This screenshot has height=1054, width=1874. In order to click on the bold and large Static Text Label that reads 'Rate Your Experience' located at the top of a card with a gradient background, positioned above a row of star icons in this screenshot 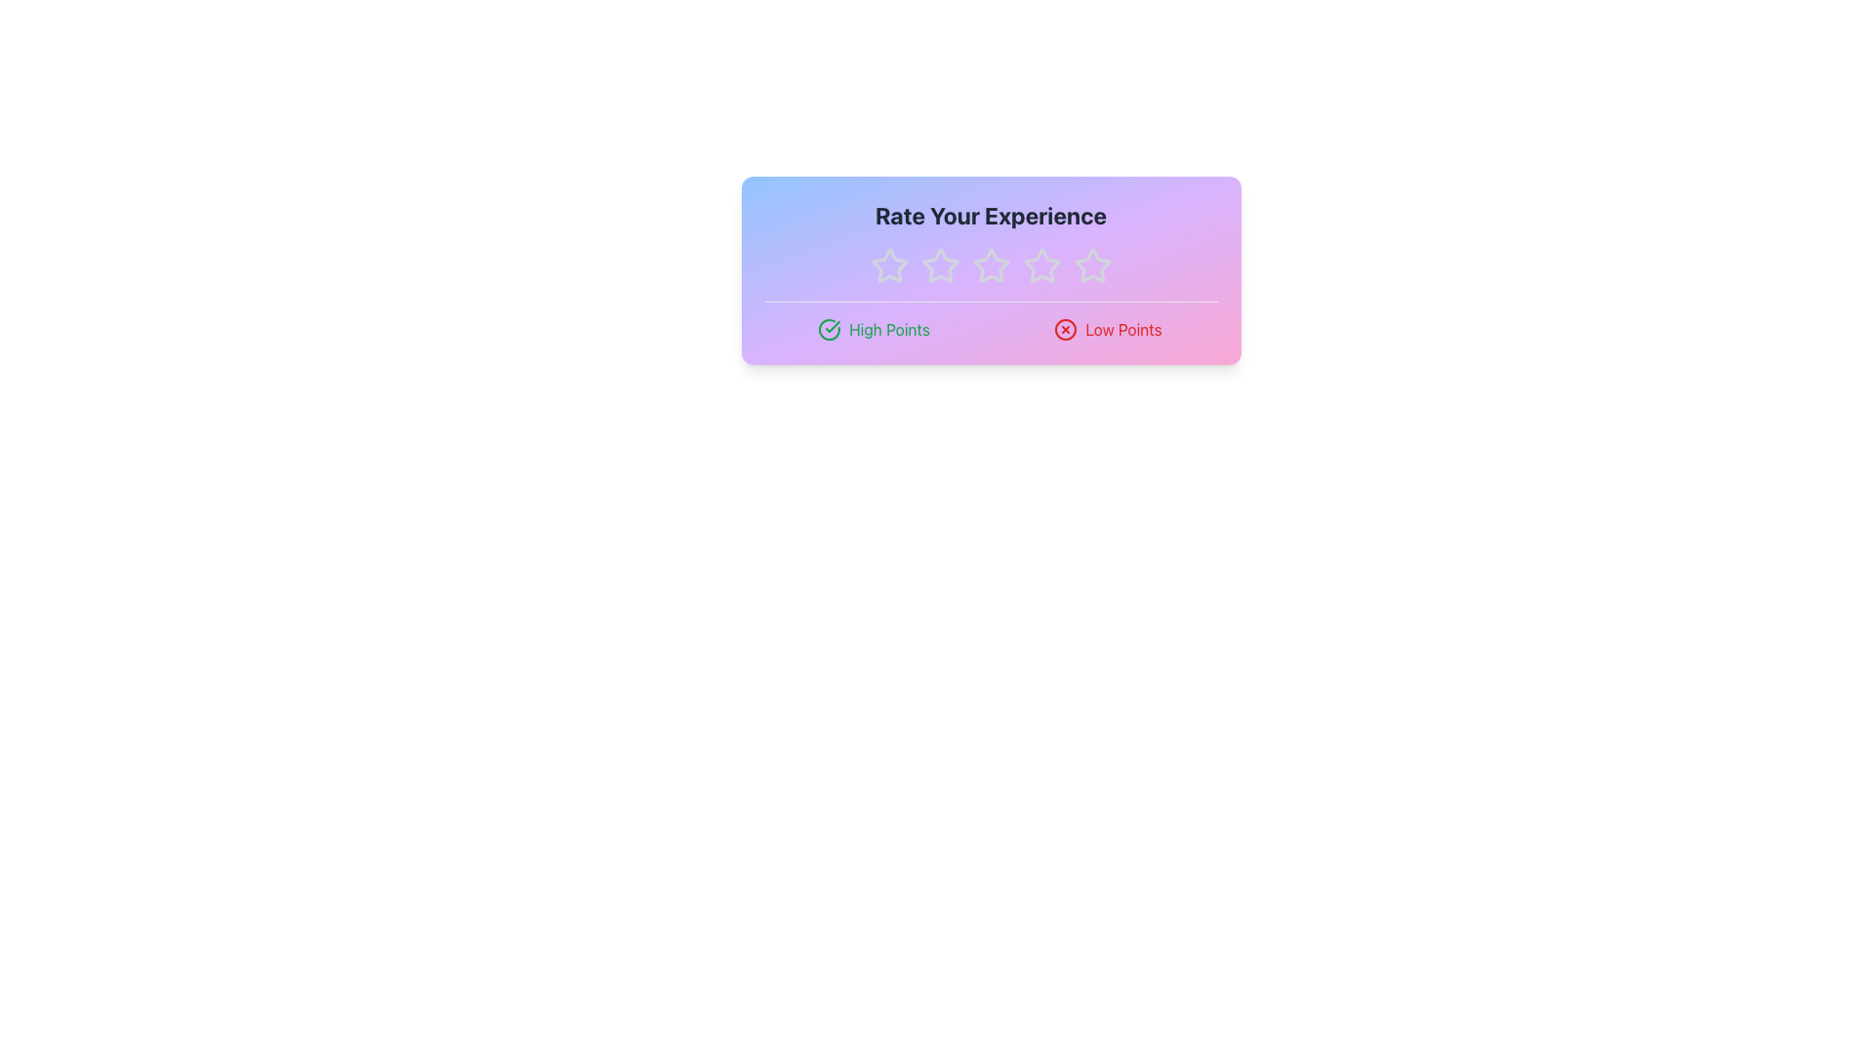, I will do `click(991, 215)`.